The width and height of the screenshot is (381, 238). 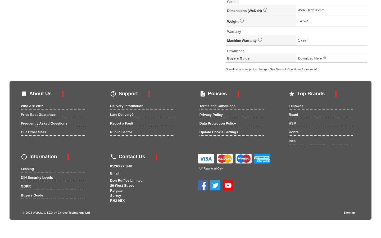 I want to click on '© 2023 Website & SEO by', so click(x=40, y=212).